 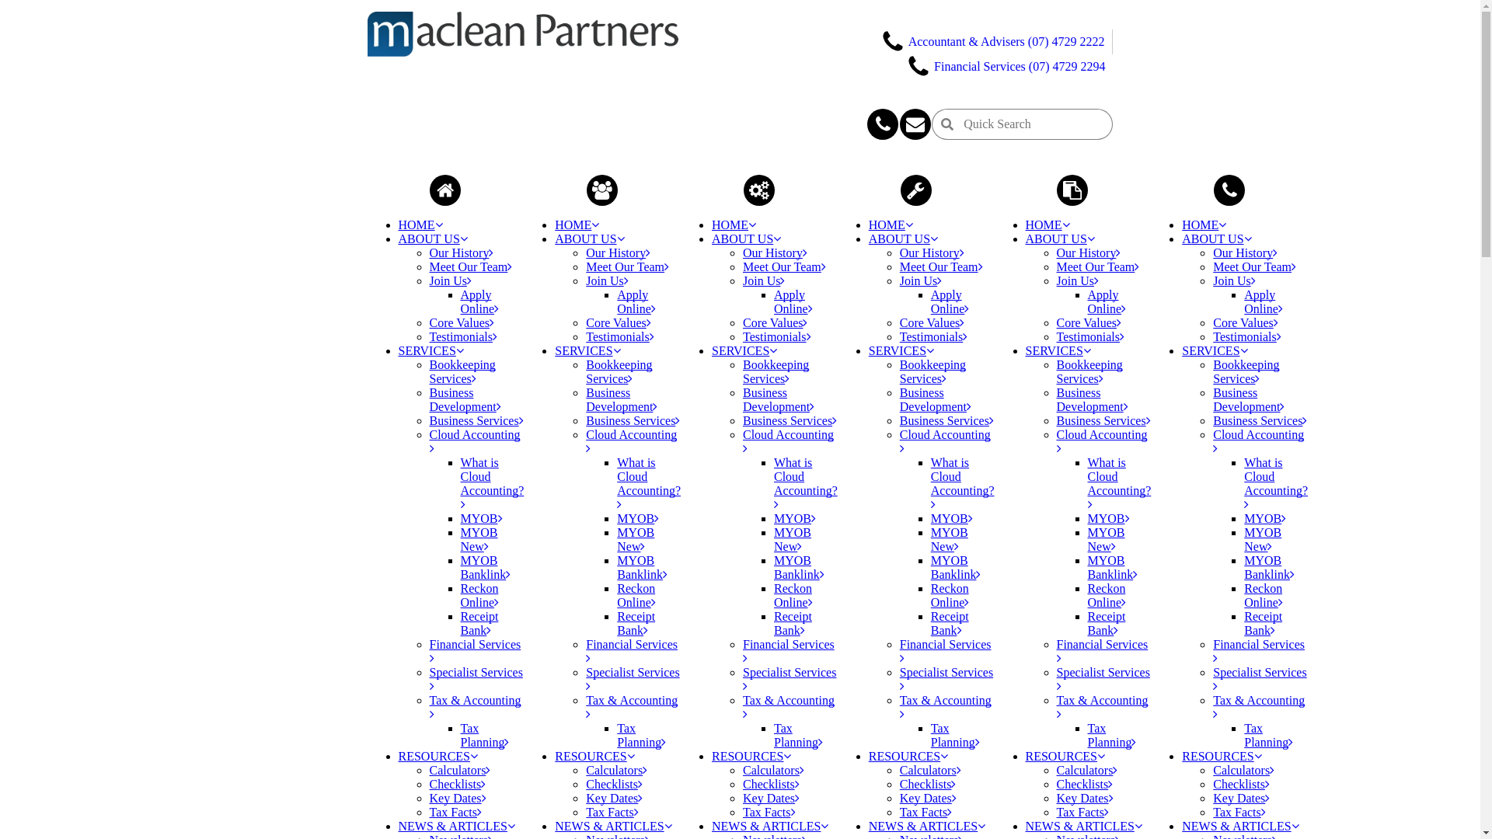 I want to click on 'NEWS & ARTICLES', so click(x=927, y=825).